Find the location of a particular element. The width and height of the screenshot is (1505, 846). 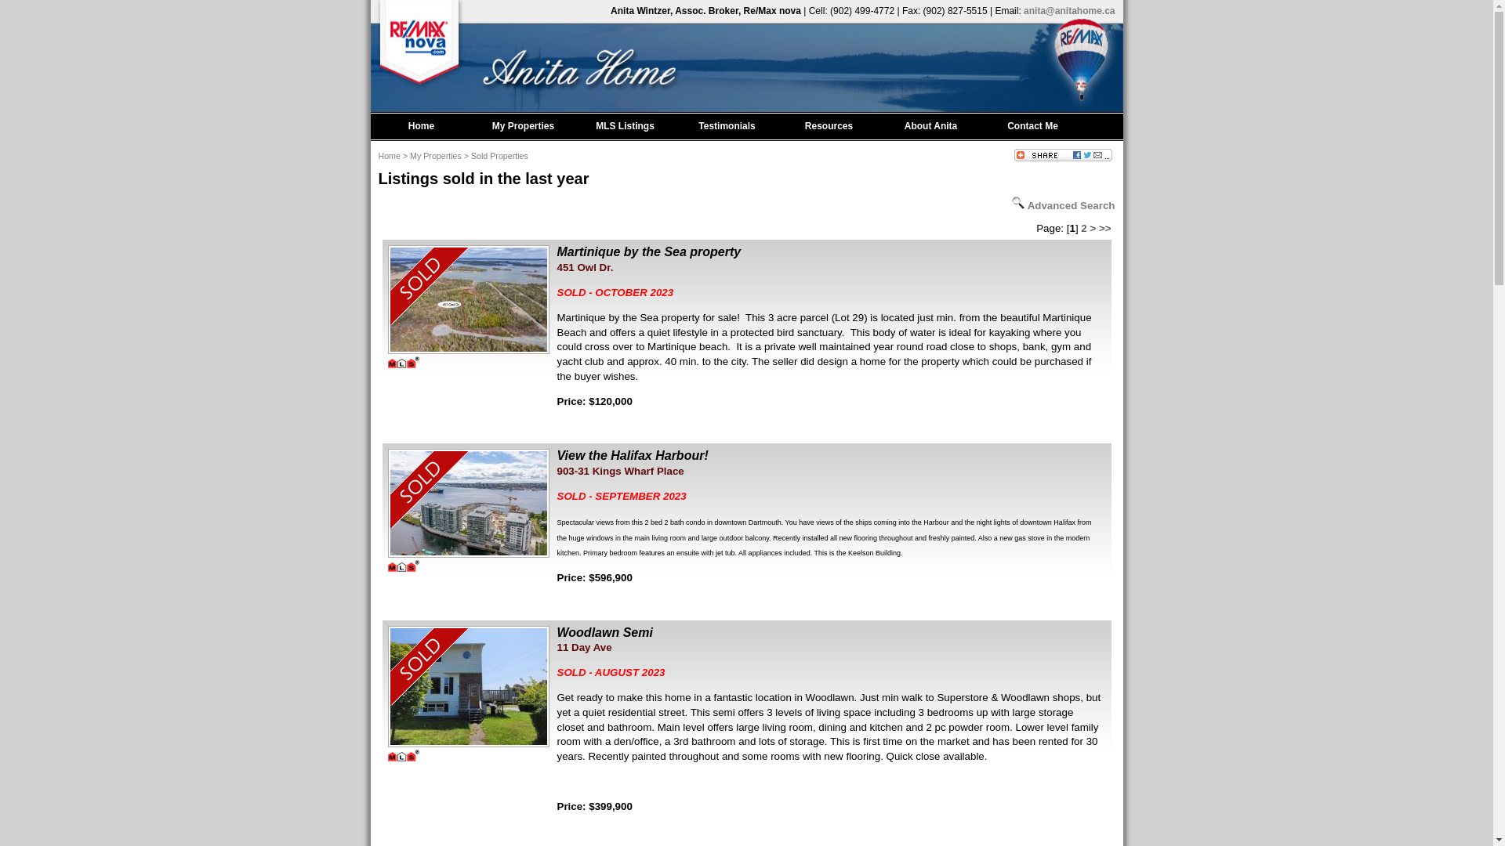

'>' is located at coordinates (1091, 228).